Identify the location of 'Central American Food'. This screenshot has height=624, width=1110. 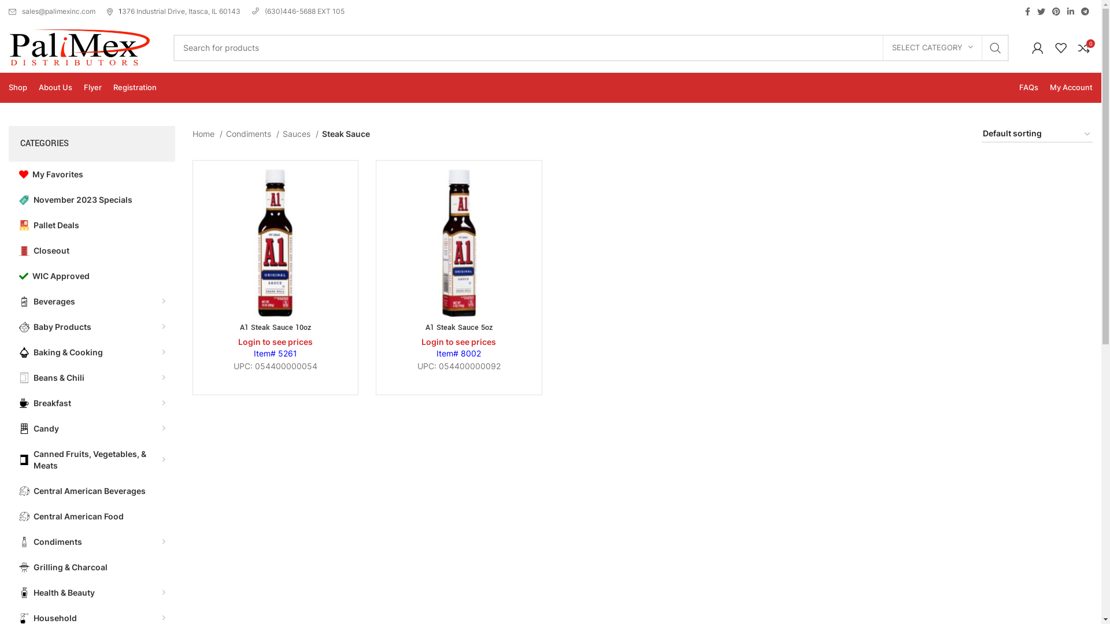
(91, 516).